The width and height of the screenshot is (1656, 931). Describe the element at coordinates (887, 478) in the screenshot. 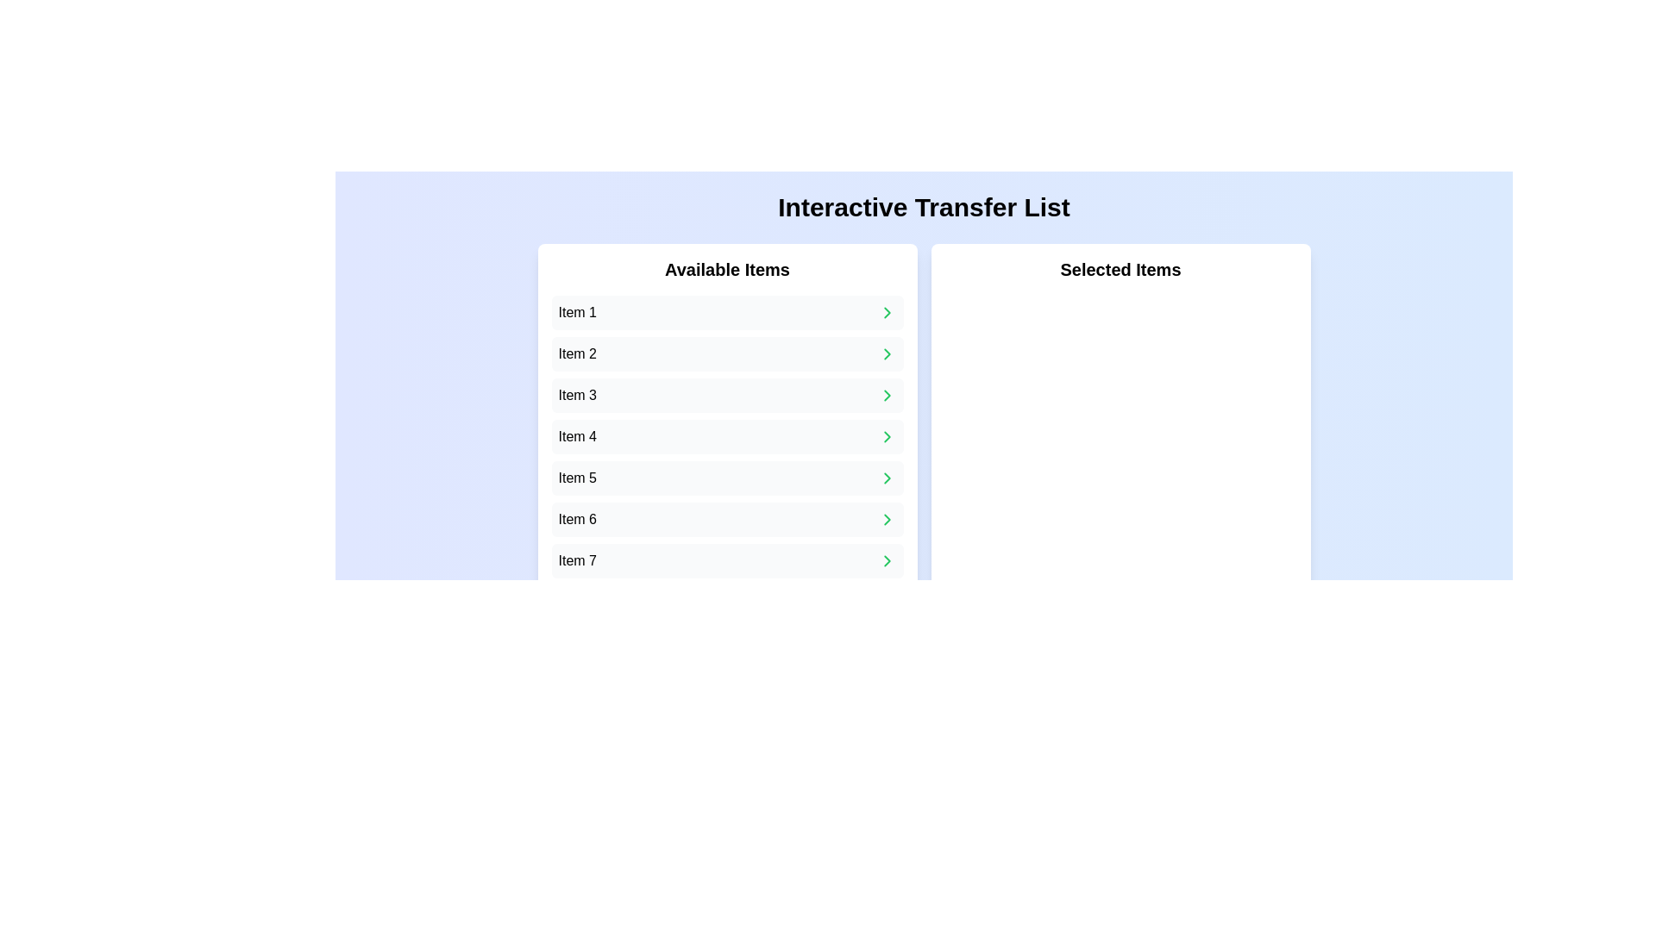

I see `the Interactive Icon located at the far right of the 'Item 5' entry in the list` at that location.